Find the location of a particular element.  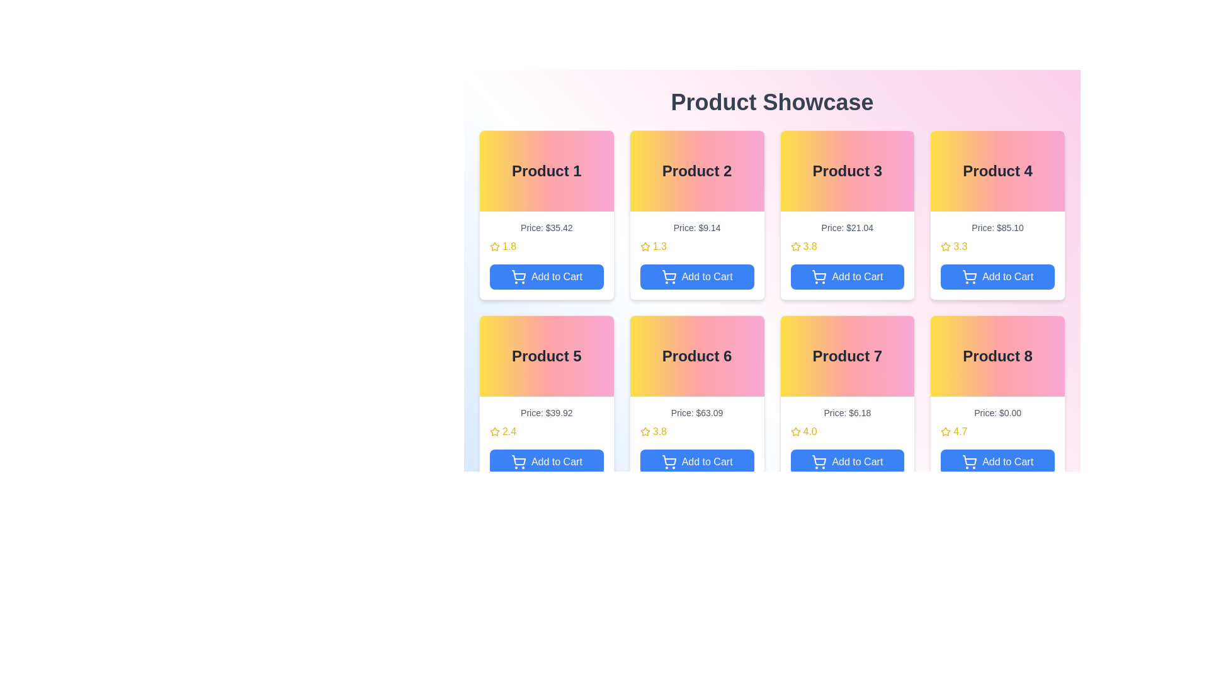

the text label displaying 'Product 6' is located at coordinates (696, 356).